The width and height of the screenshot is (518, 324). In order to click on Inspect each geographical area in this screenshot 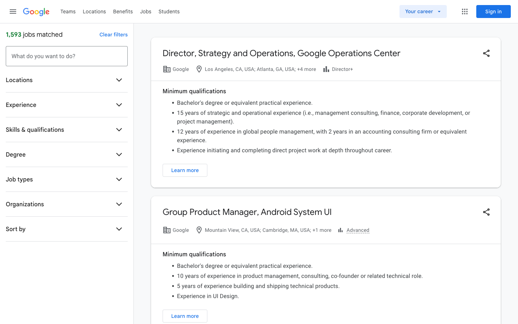, I will do `click(94, 11)`.